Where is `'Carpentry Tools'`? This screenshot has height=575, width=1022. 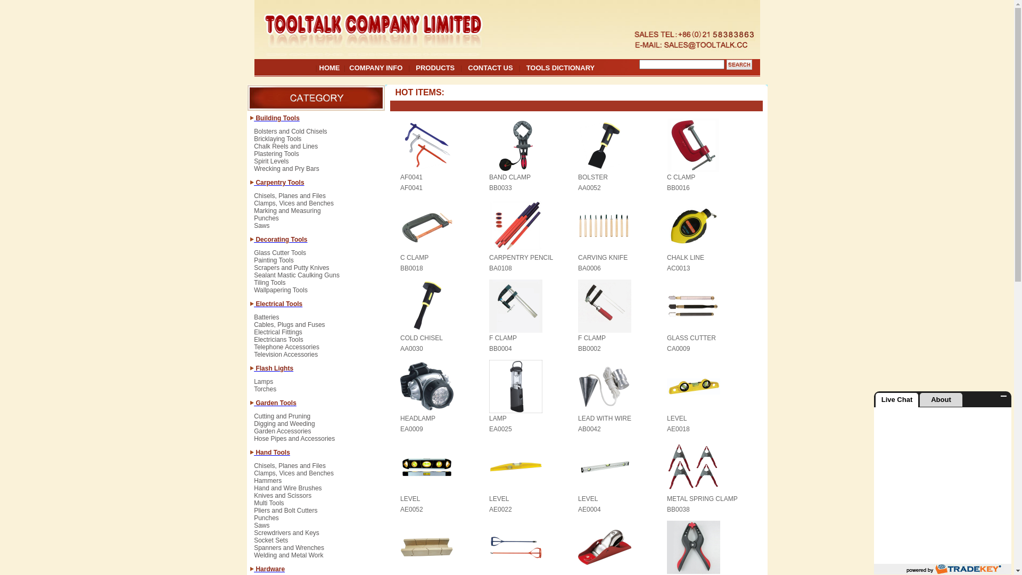
'Carpentry Tools' is located at coordinates (278, 182).